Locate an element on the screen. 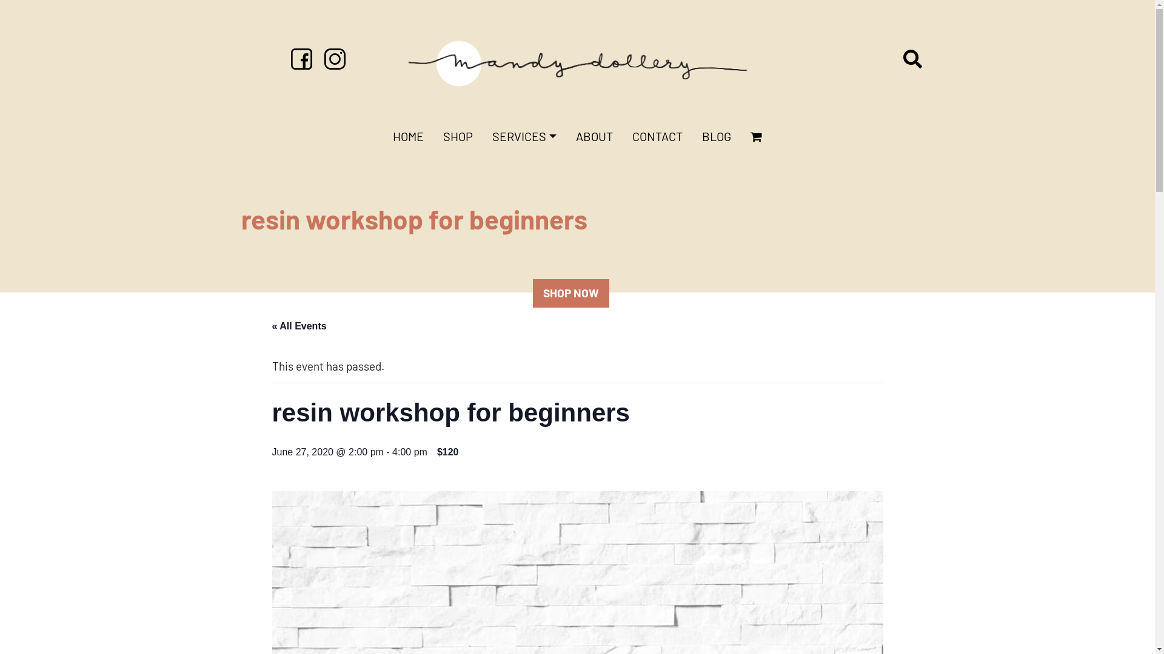  'Instagram' is located at coordinates (319, 57).